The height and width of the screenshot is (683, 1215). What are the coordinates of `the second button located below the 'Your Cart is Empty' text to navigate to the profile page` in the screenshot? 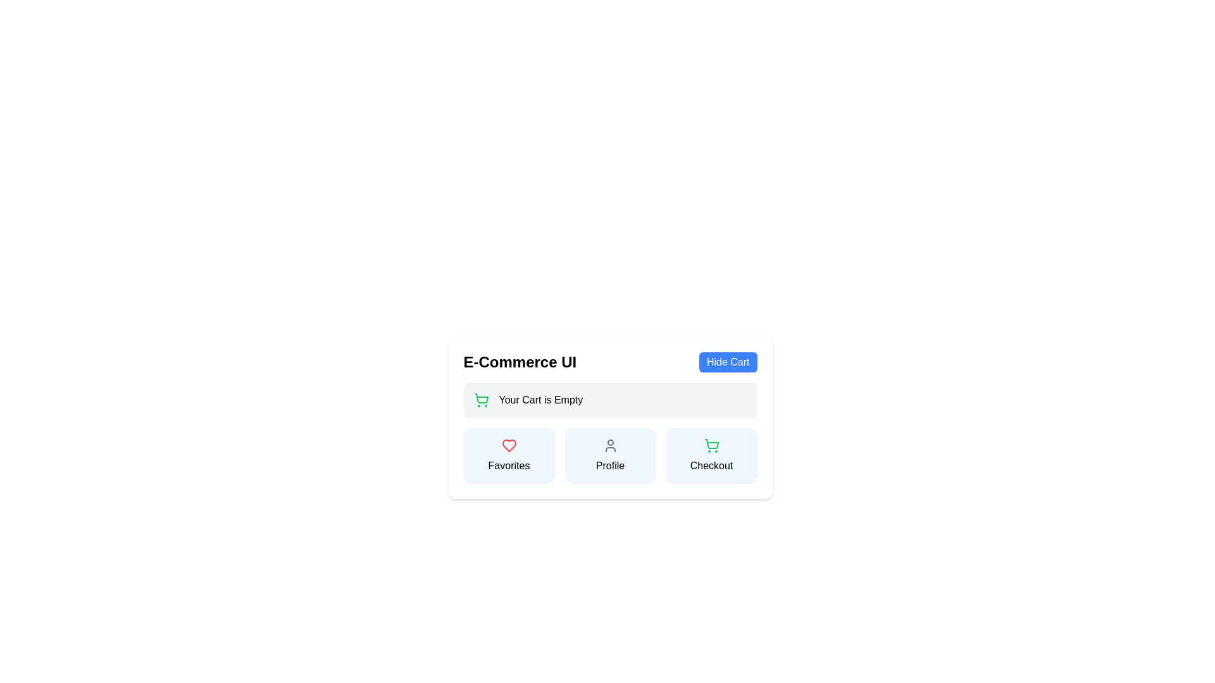 It's located at (610, 433).